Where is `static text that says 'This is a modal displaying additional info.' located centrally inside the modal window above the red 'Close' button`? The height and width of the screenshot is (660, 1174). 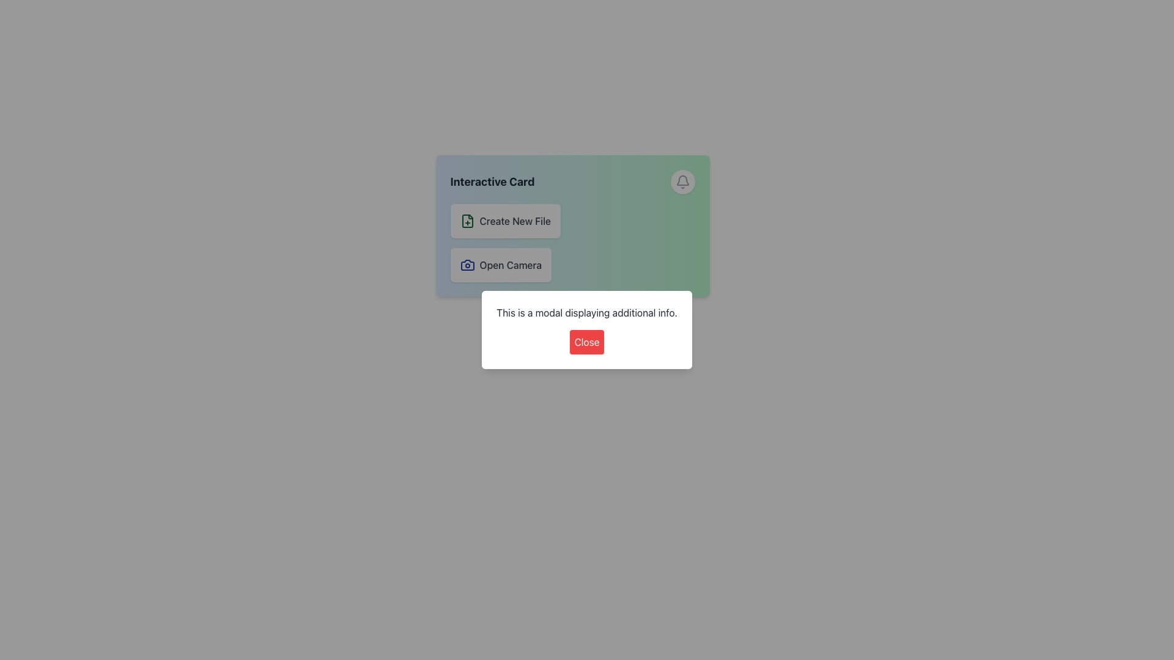 static text that says 'This is a modal displaying additional info.' located centrally inside the modal window above the red 'Close' button is located at coordinates (587, 312).